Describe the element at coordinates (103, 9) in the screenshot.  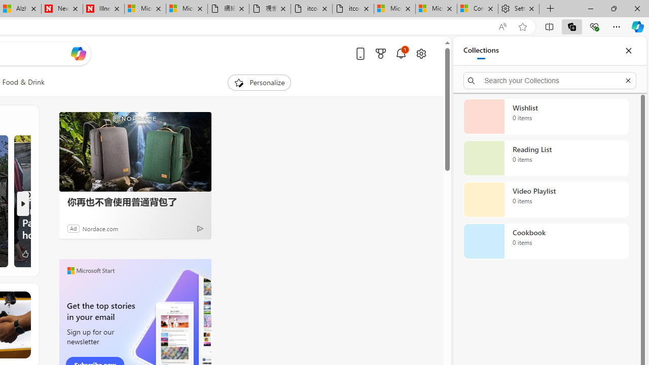
I see `'Illness news & latest pictures from Newsweek.com'` at that location.